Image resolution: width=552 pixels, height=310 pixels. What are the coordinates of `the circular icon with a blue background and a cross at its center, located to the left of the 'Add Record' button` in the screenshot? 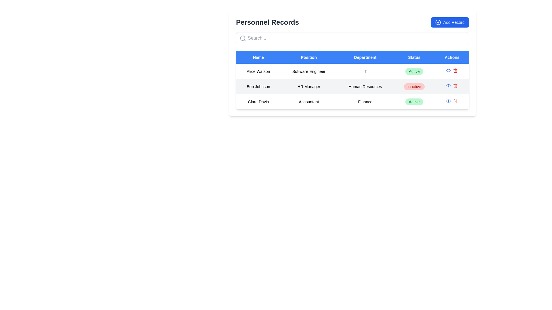 It's located at (438, 22).